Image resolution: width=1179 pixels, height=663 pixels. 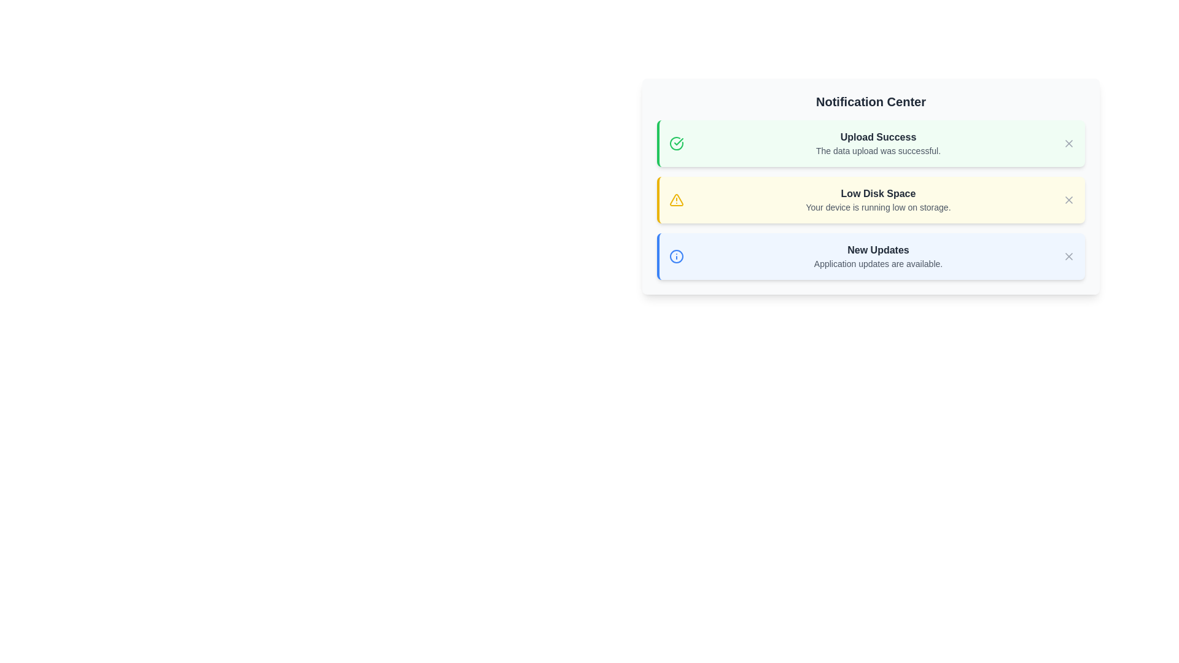 I want to click on the dismiss icon located in the notification center adjacent to the 'Low Disk Space' notification card, so click(x=1068, y=200).